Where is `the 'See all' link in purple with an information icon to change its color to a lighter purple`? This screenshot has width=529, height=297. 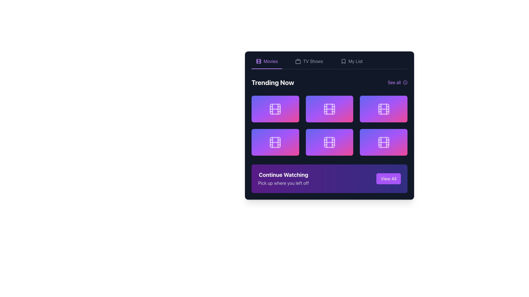
the 'See all' link in purple with an information icon to change its color to a lighter purple is located at coordinates (398, 82).